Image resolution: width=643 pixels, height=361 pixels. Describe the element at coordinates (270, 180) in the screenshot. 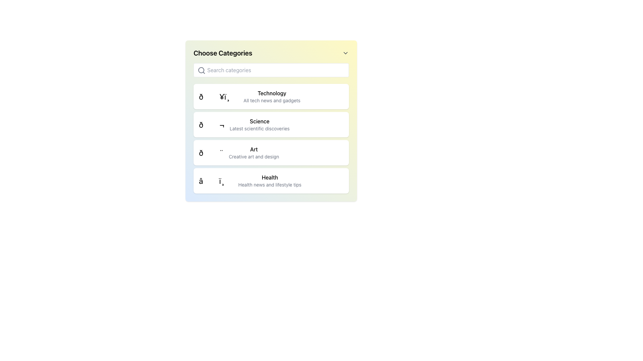

I see `the 'Health' category label, which is the fourth item in a vertical list and displays the subtitle 'Health news and lifestyle tips'` at that location.